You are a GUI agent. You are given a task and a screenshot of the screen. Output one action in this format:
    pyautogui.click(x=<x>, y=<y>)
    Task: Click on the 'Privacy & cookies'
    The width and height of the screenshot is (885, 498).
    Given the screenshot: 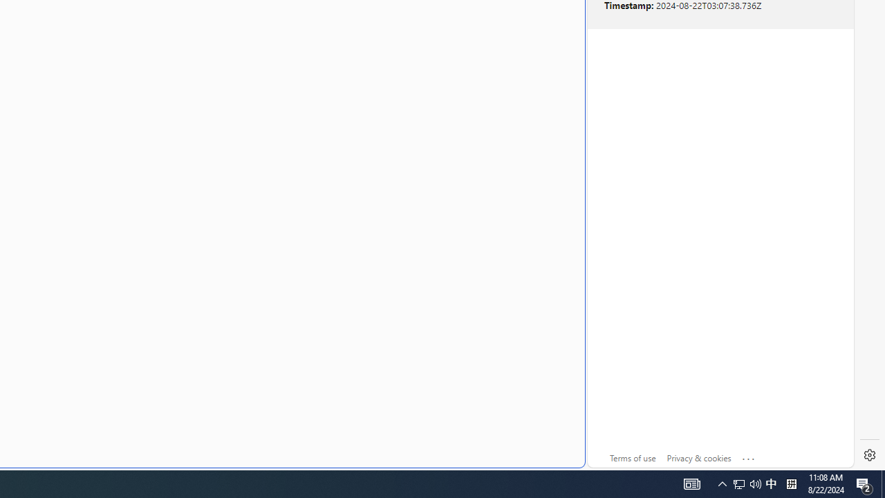 What is the action you would take?
    pyautogui.click(x=699, y=458)
    